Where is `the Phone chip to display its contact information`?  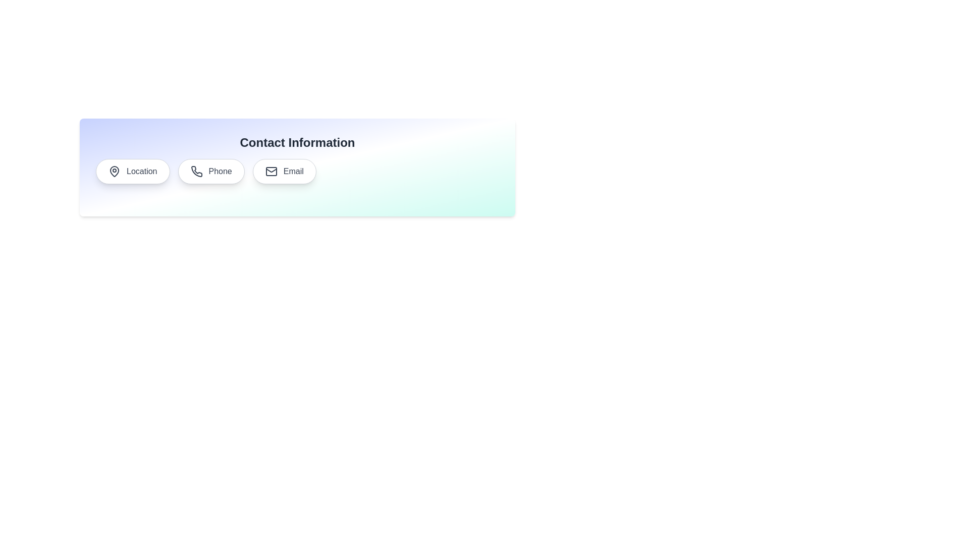 the Phone chip to display its contact information is located at coordinates (210, 171).